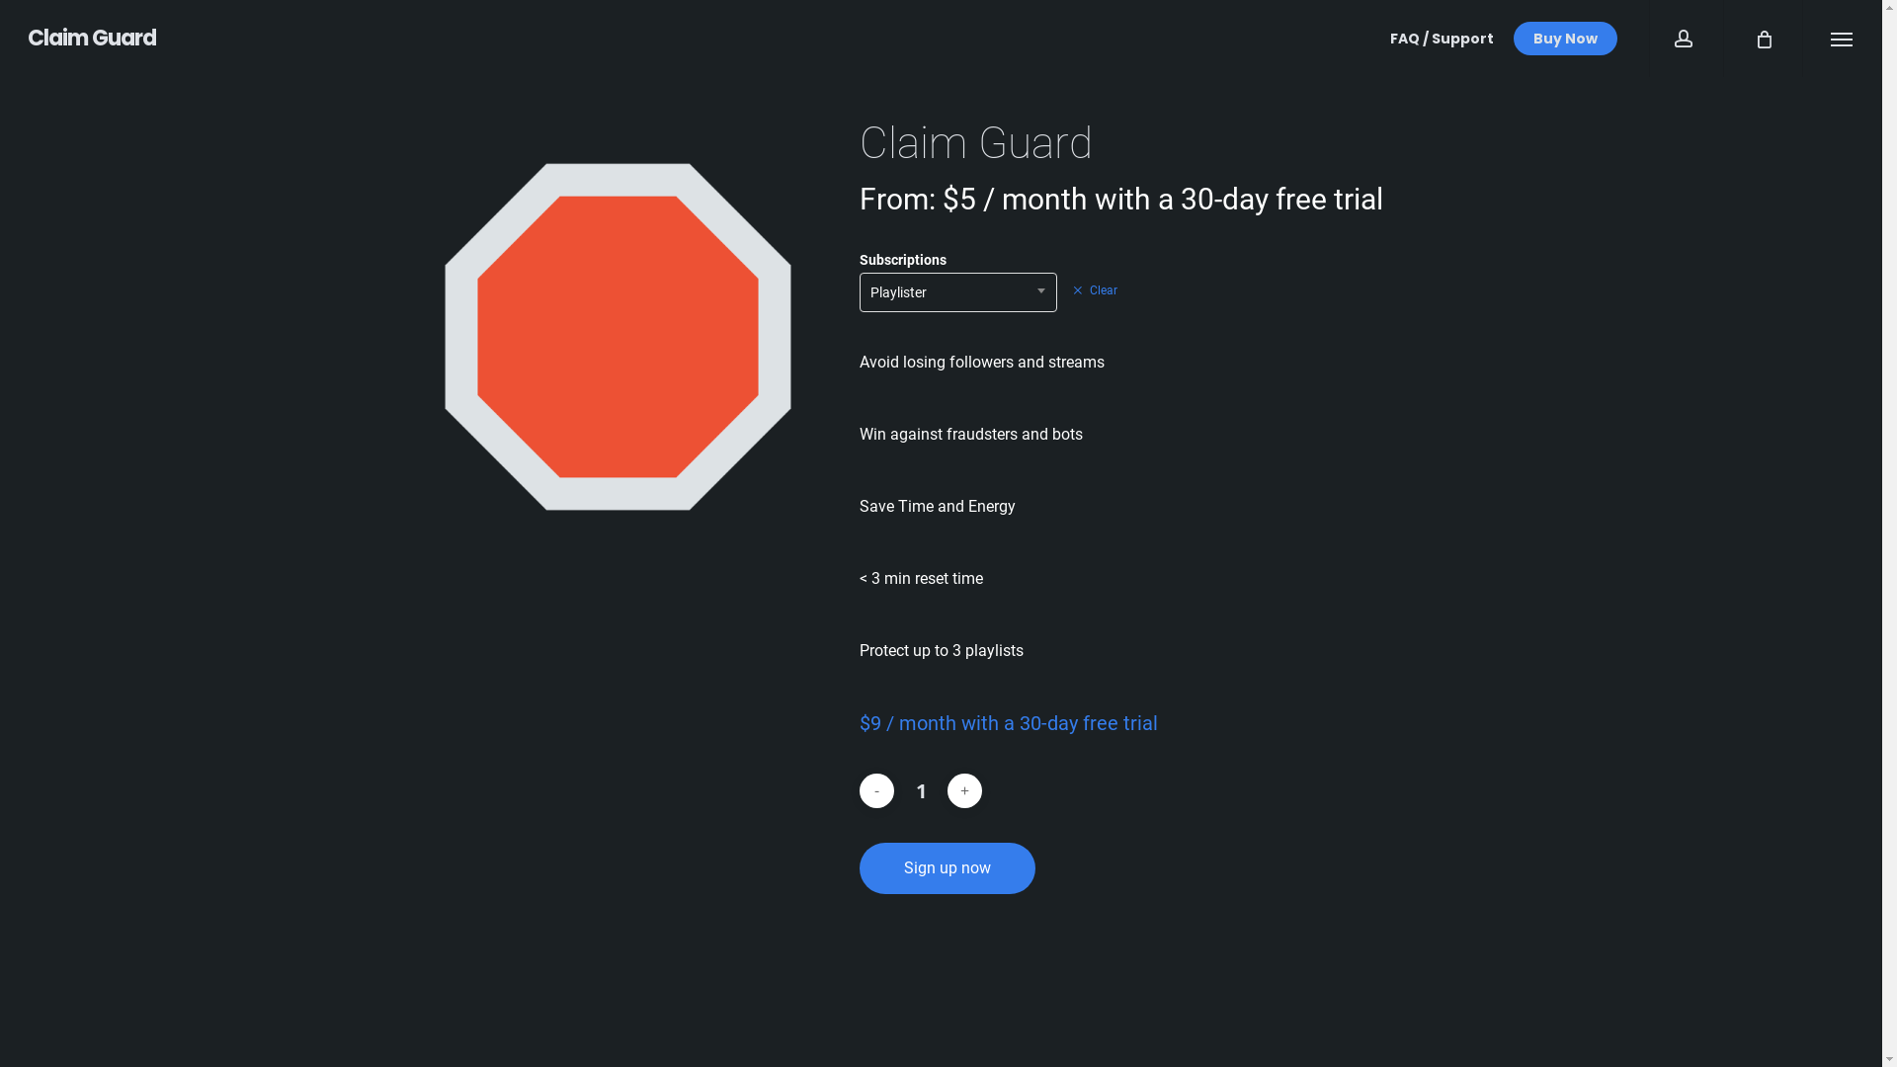 The image size is (1897, 1067). Describe the element at coordinates (1094, 289) in the screenshot. I see `'Clear'` at that location.